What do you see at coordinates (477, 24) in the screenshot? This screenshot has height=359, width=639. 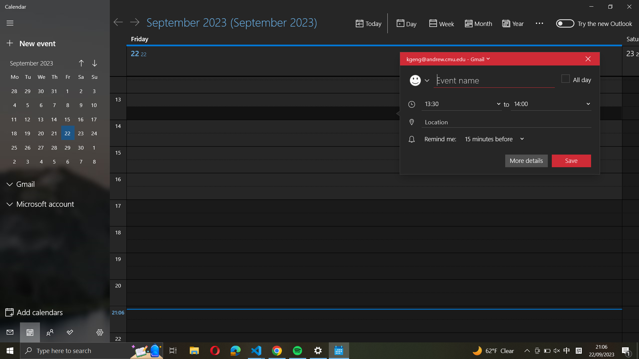 I see `the calendar configuration to "month" view` at bounding box center [477, 24].